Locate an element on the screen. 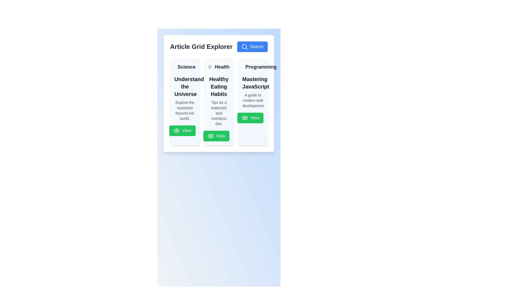 The width and height of the screenshot is (511, 287). the magnifying glass icon within the 'Search' button at the top right corner of the main interface is located at coordinates (244, 47).